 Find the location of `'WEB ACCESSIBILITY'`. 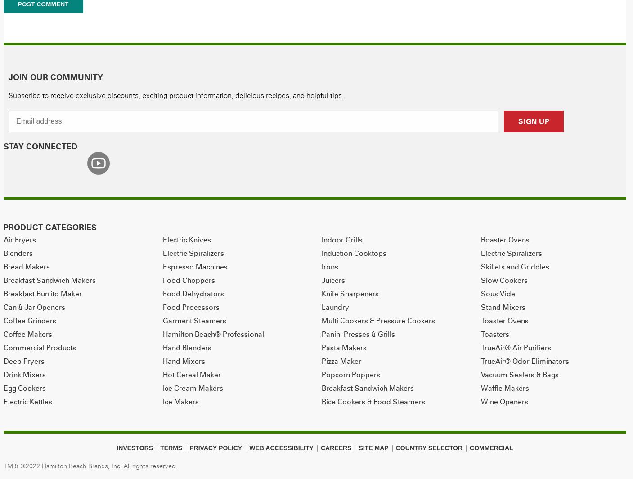

'WEB ACCESSIBILITY' is located at coordinates (280, 448).